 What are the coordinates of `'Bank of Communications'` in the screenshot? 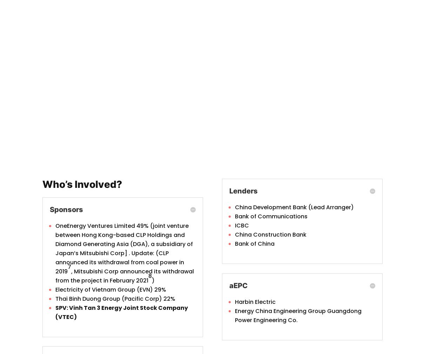 It's located at (270, 216).